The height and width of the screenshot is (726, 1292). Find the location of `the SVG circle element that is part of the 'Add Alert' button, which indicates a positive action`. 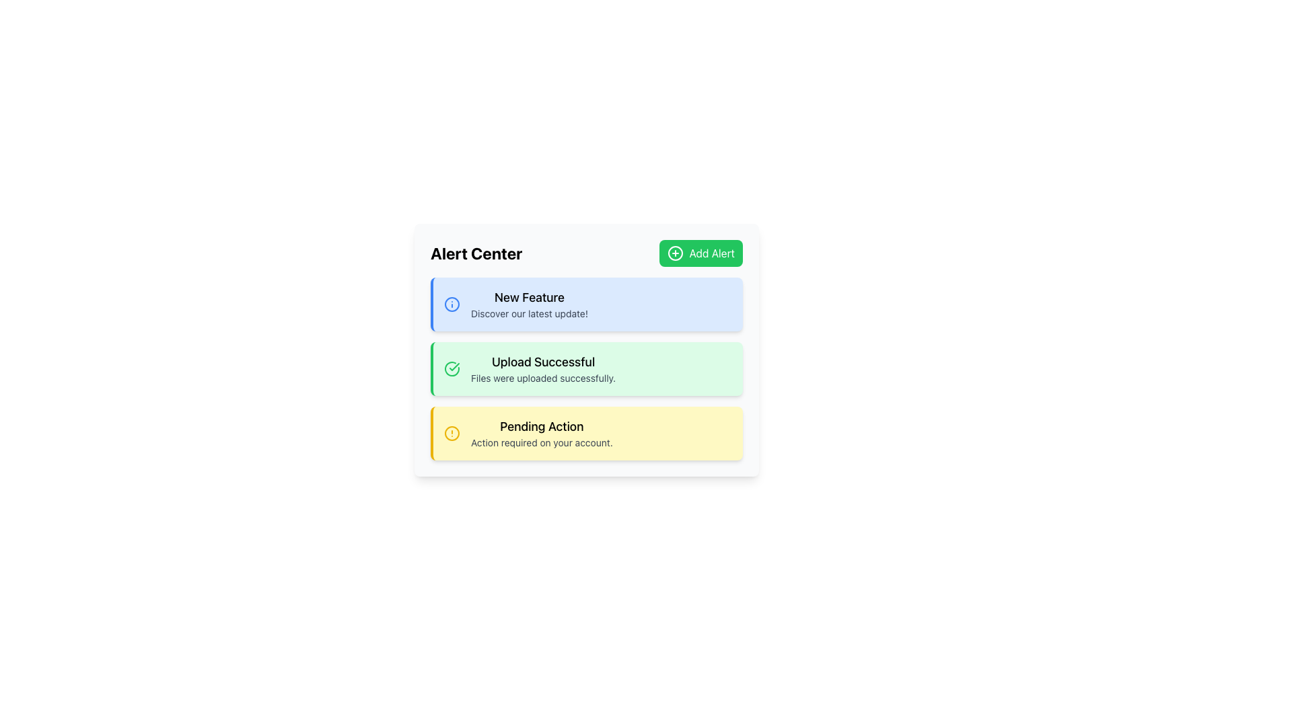

the SVG circle element that is part of the 'Add Alert' button, which indicates a positive action is located at coordinates (676, 253).